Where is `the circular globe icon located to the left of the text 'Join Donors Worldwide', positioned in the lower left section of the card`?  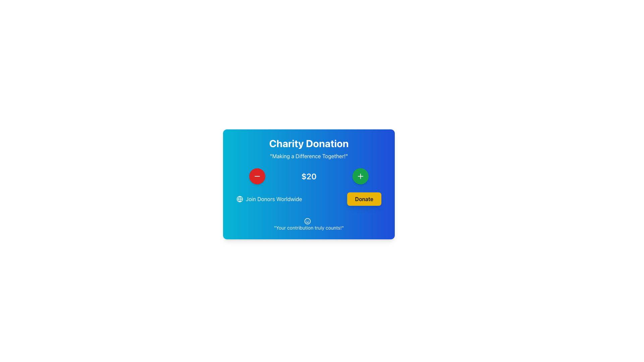 the circular globe icon located to the left of the text 'Join Donors Worldwide', positioned in the lower left section of the card is located at coordinates (240, 199).